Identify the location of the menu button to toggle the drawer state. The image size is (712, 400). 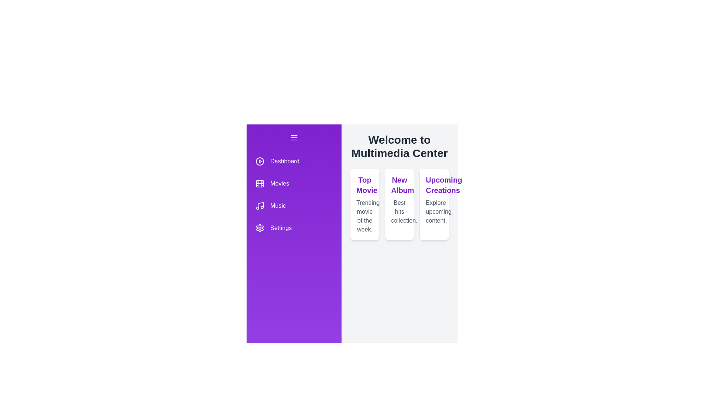
(293, 137).